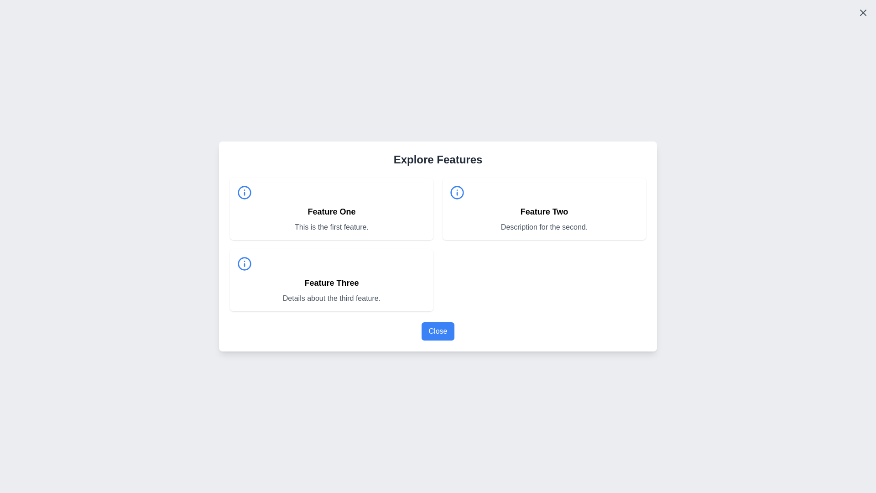  Describe the element at coordinates (862, 12) in the screenshot. I see `the cross icon located in the top-right corner of the modal` at that location.